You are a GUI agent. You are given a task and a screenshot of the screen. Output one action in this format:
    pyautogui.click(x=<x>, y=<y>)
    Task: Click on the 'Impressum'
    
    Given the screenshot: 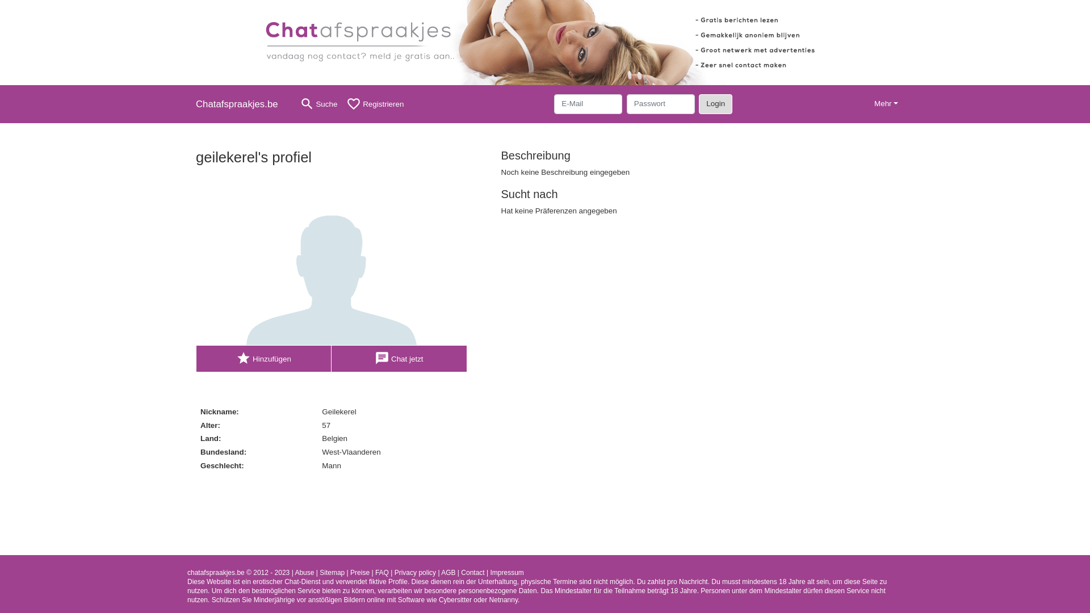 What is the action you would take?
    pyautogui.click(x=506, y=573)
    